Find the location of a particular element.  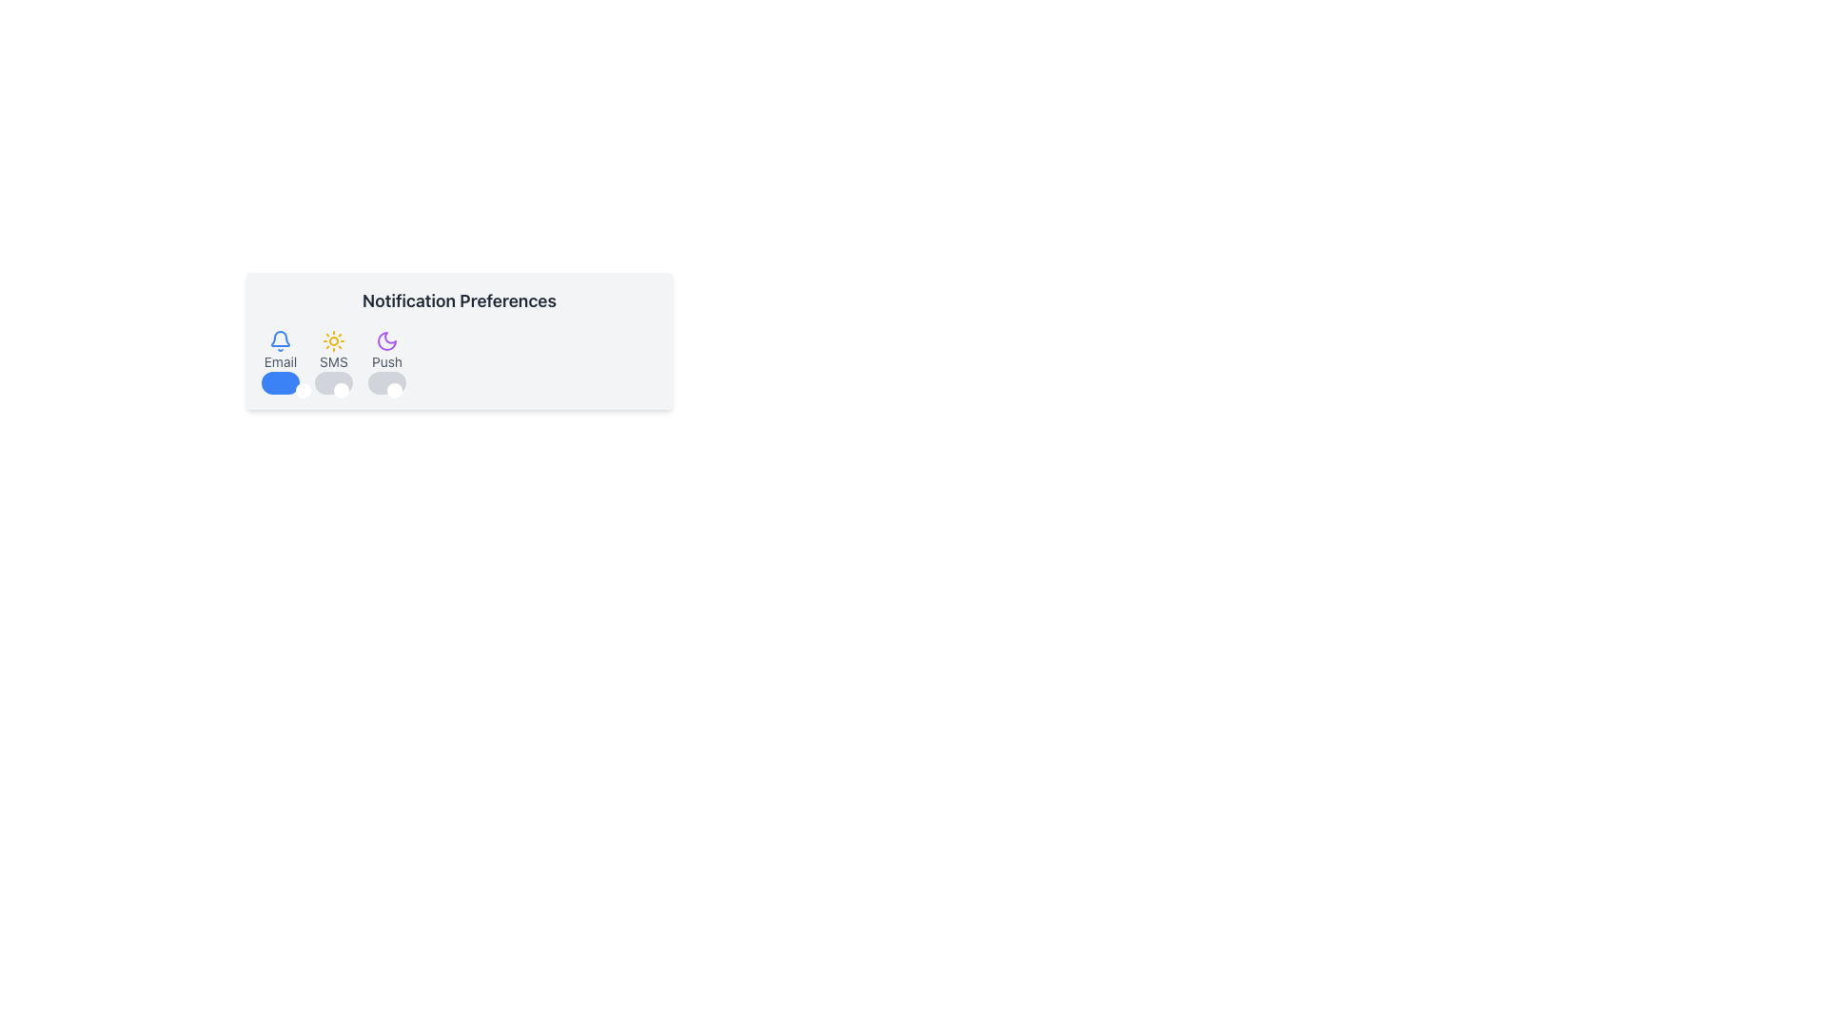

the Toggle switch for 'Push' notifications, which is represented by a purple crescent moon icon above the label and is the rightmost element in the 'Notification Preferences' section is located at coordinates (386, 362).